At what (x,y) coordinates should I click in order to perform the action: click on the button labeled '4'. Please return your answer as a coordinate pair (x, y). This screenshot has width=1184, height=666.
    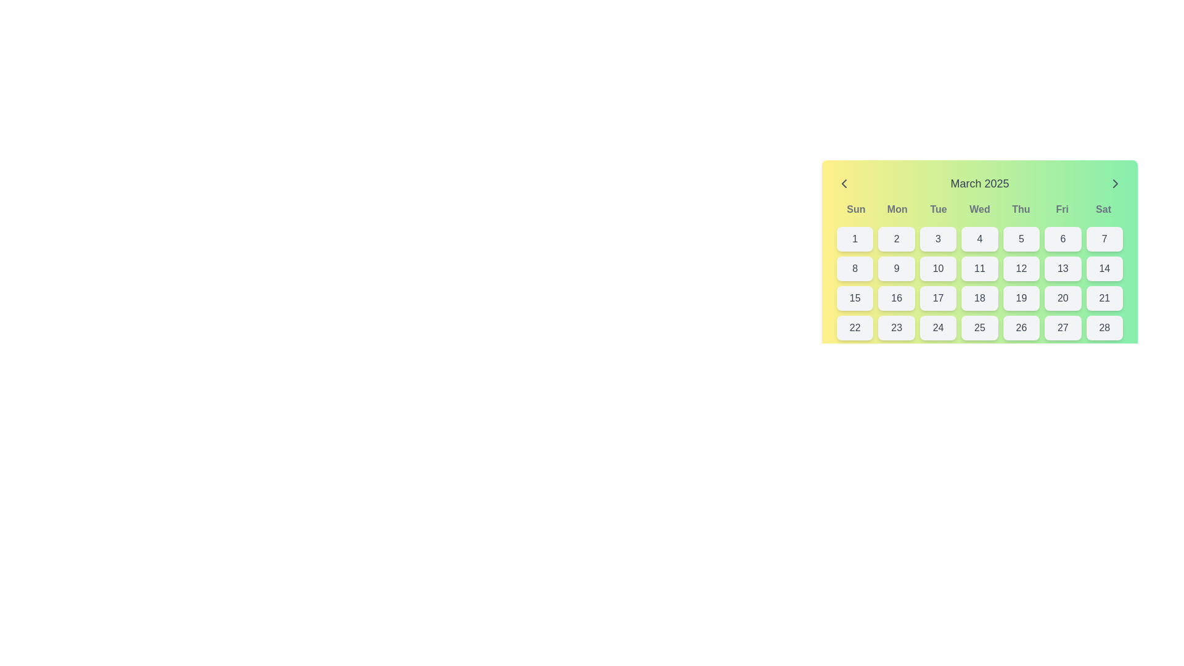
    Looking at the image, I should click on (979, 239).